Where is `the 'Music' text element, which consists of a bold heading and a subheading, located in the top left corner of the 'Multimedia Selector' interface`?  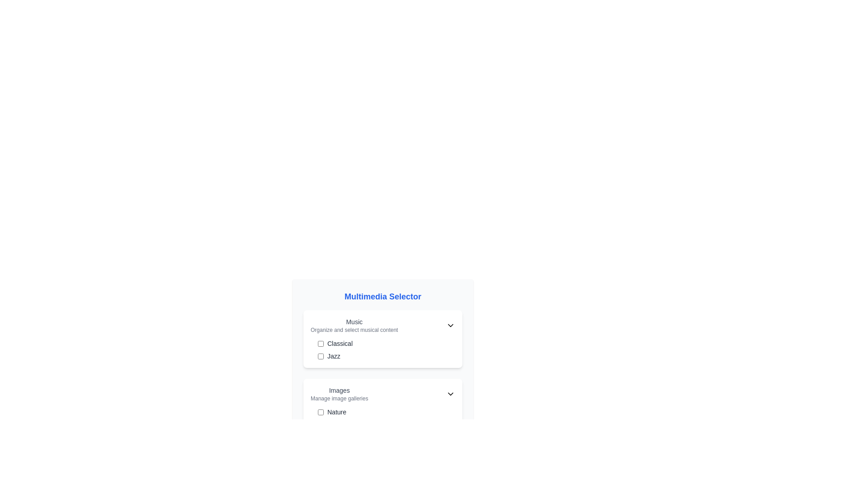 the 'Music' text element, which consists of a bold heading and a subheading, located in the top left corner of the 'Multimedia Selector' interface is located at coordinates (354, 325).